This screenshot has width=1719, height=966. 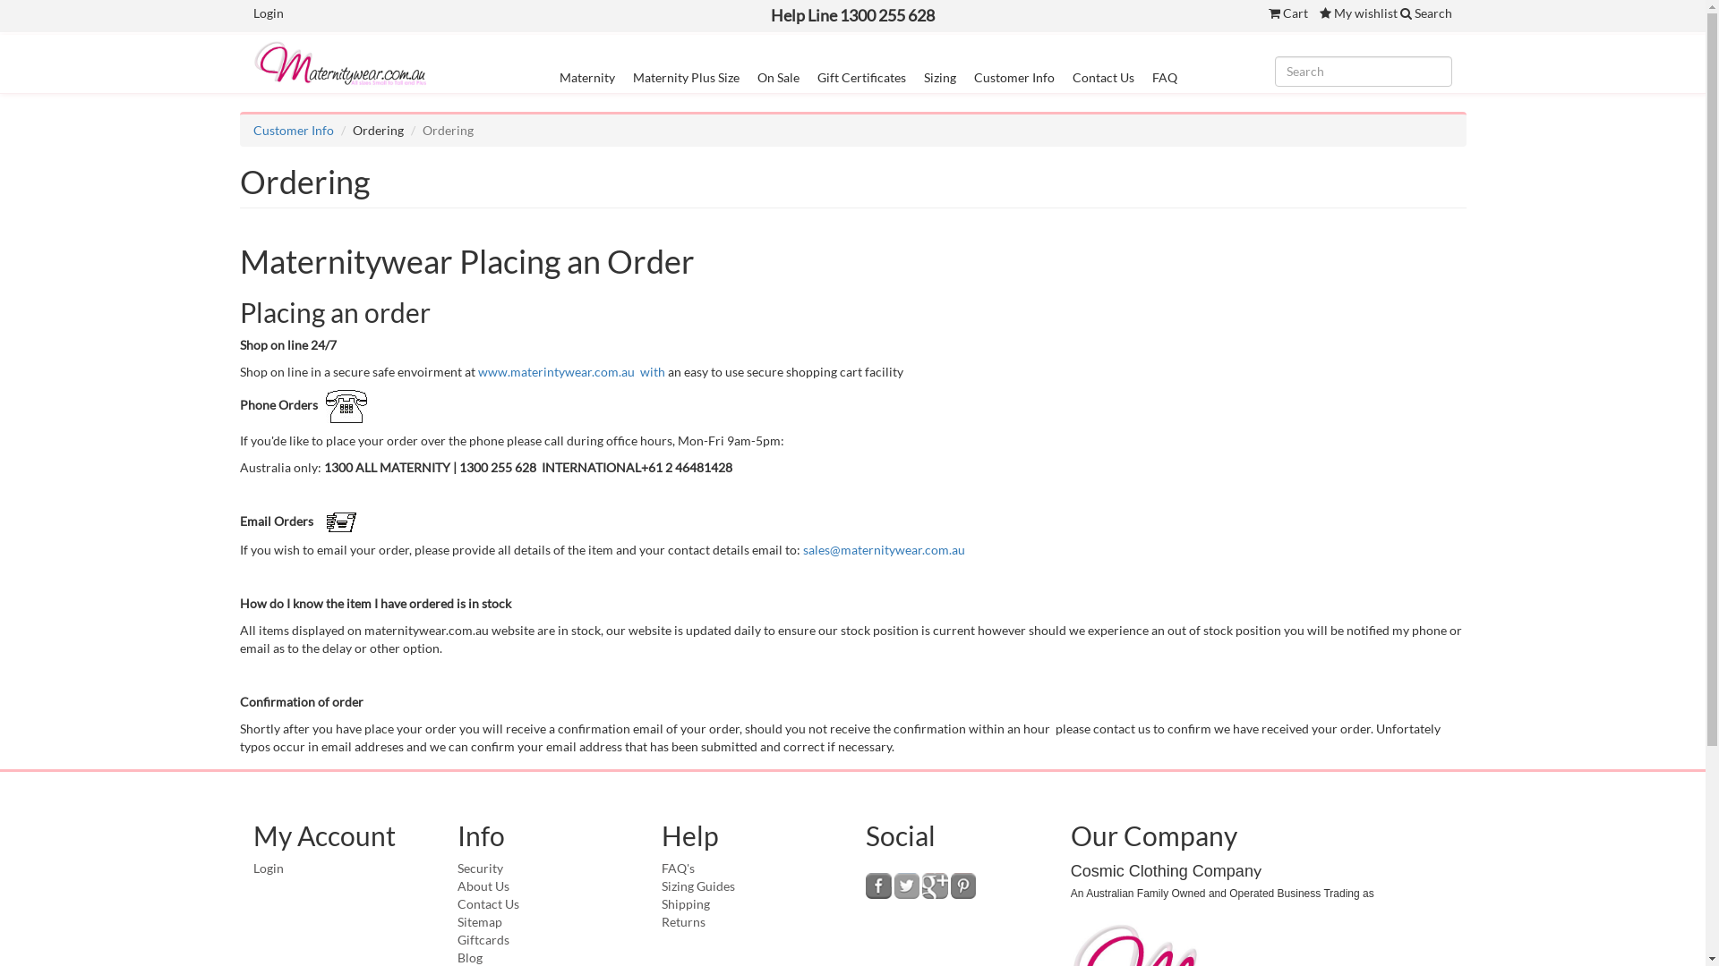 What do you see at coordinates (570, 370) in the screenshot?
I see `'www.materintywear.com.au  with'` at bounding box center [570, 370].